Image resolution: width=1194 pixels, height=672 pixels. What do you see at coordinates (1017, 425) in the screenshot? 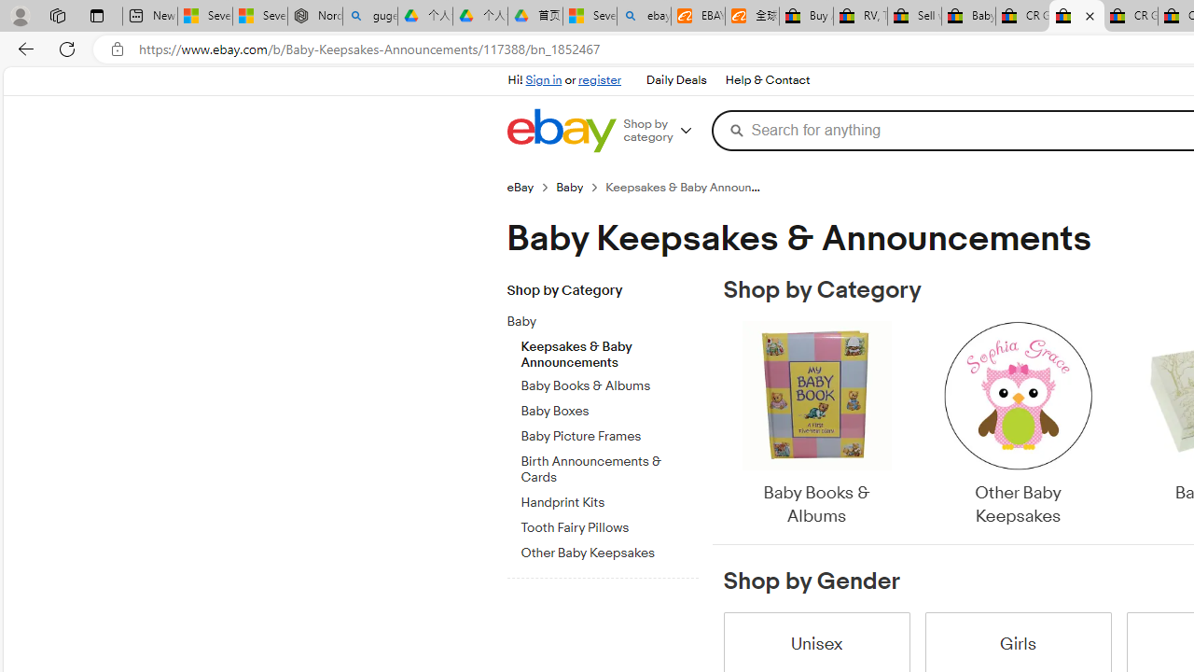
I see `'Other Baby Keepsakes'` at bounding box center [1017, 425].